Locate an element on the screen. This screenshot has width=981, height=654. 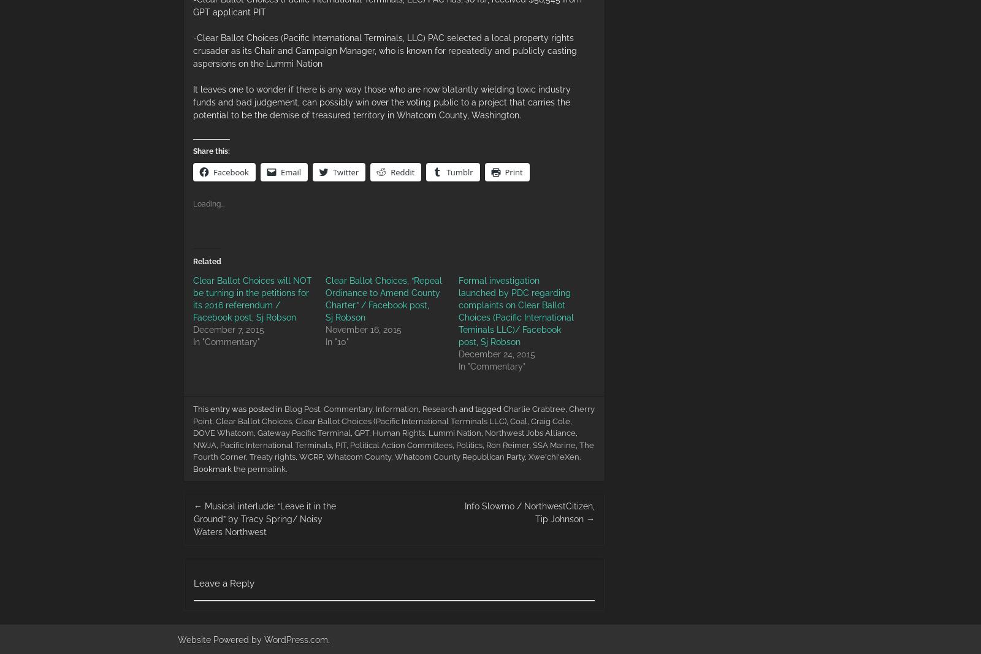
'Loading...' is located at coordinates (208, 204).